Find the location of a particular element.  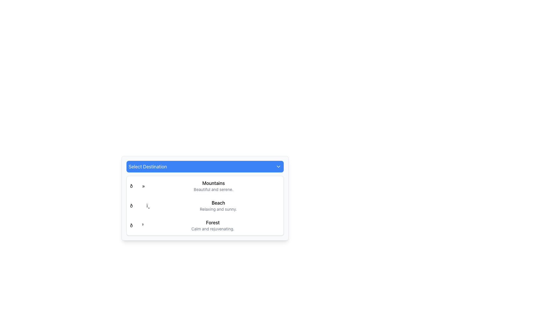

the dropdown menu option titled 'Forest' with the description 'Calm and rejuvenating.' is located at coordinates (205, 225).